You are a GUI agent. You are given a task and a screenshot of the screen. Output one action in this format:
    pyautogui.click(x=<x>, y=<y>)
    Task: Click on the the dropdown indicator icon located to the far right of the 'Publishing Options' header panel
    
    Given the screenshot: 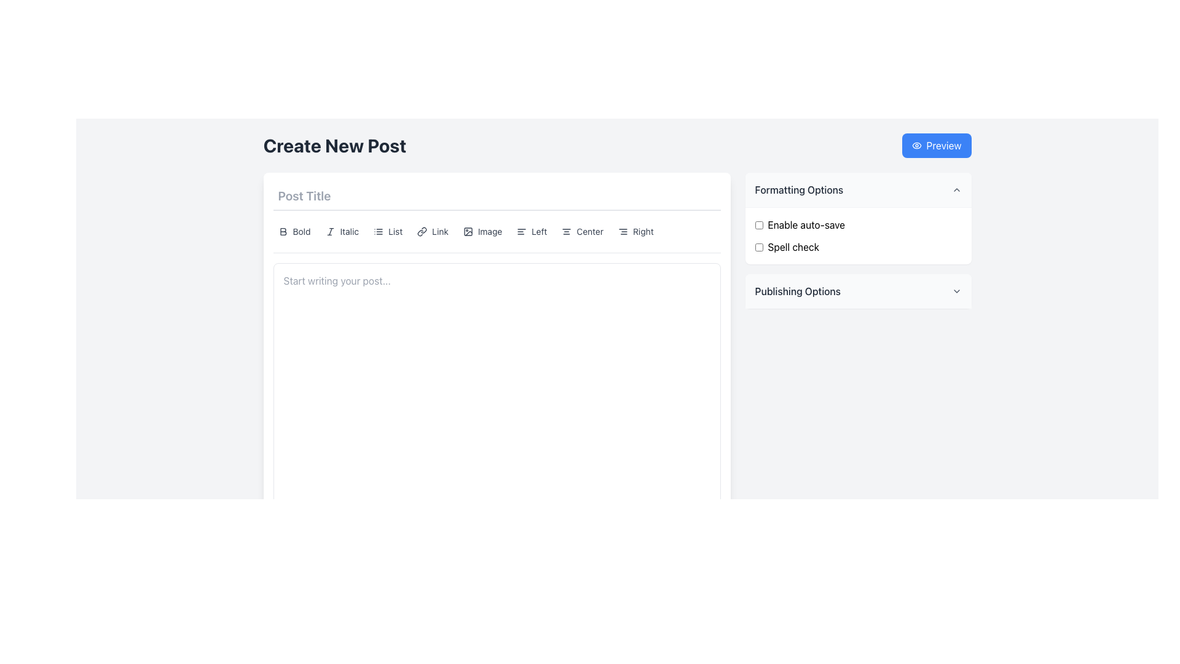 What is the action you would take?
    pyautogui.click(x=956, y=291)
    